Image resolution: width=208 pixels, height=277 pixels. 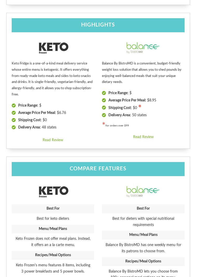 I want to click on 'Best for keto dieters', so click(x=53, y=218).